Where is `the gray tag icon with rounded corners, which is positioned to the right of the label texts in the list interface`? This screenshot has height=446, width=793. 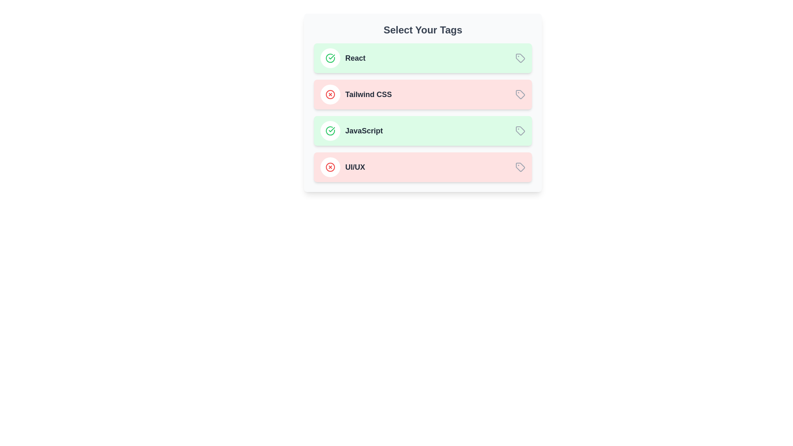
the gray tag icon with rounded corners, which is positioned to the right of the label texts in the list interface is located at coordinates (520, 167).